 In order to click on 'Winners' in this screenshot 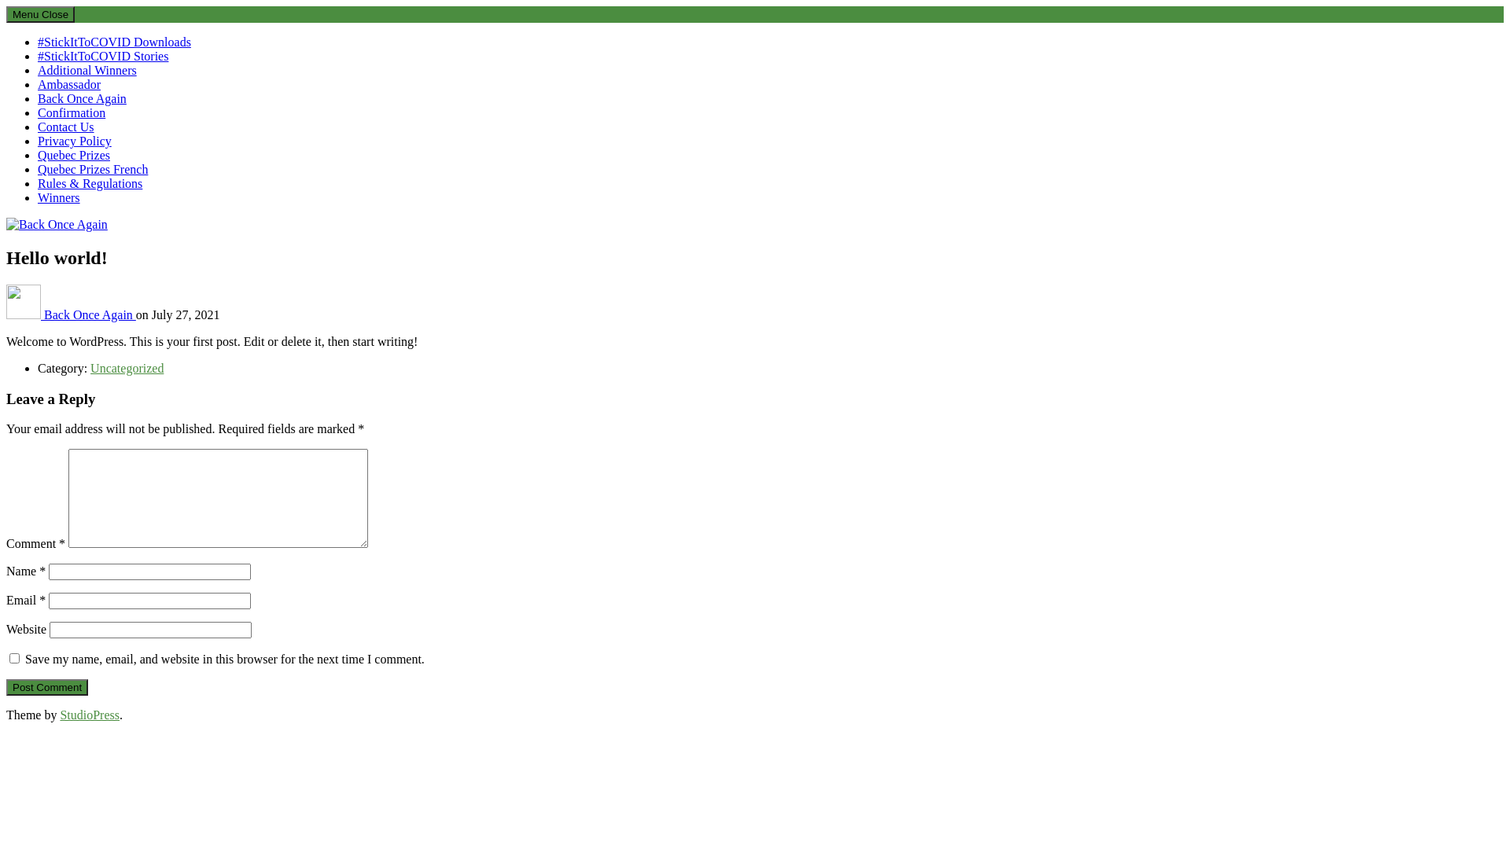, I will do `click(59, 197)`.